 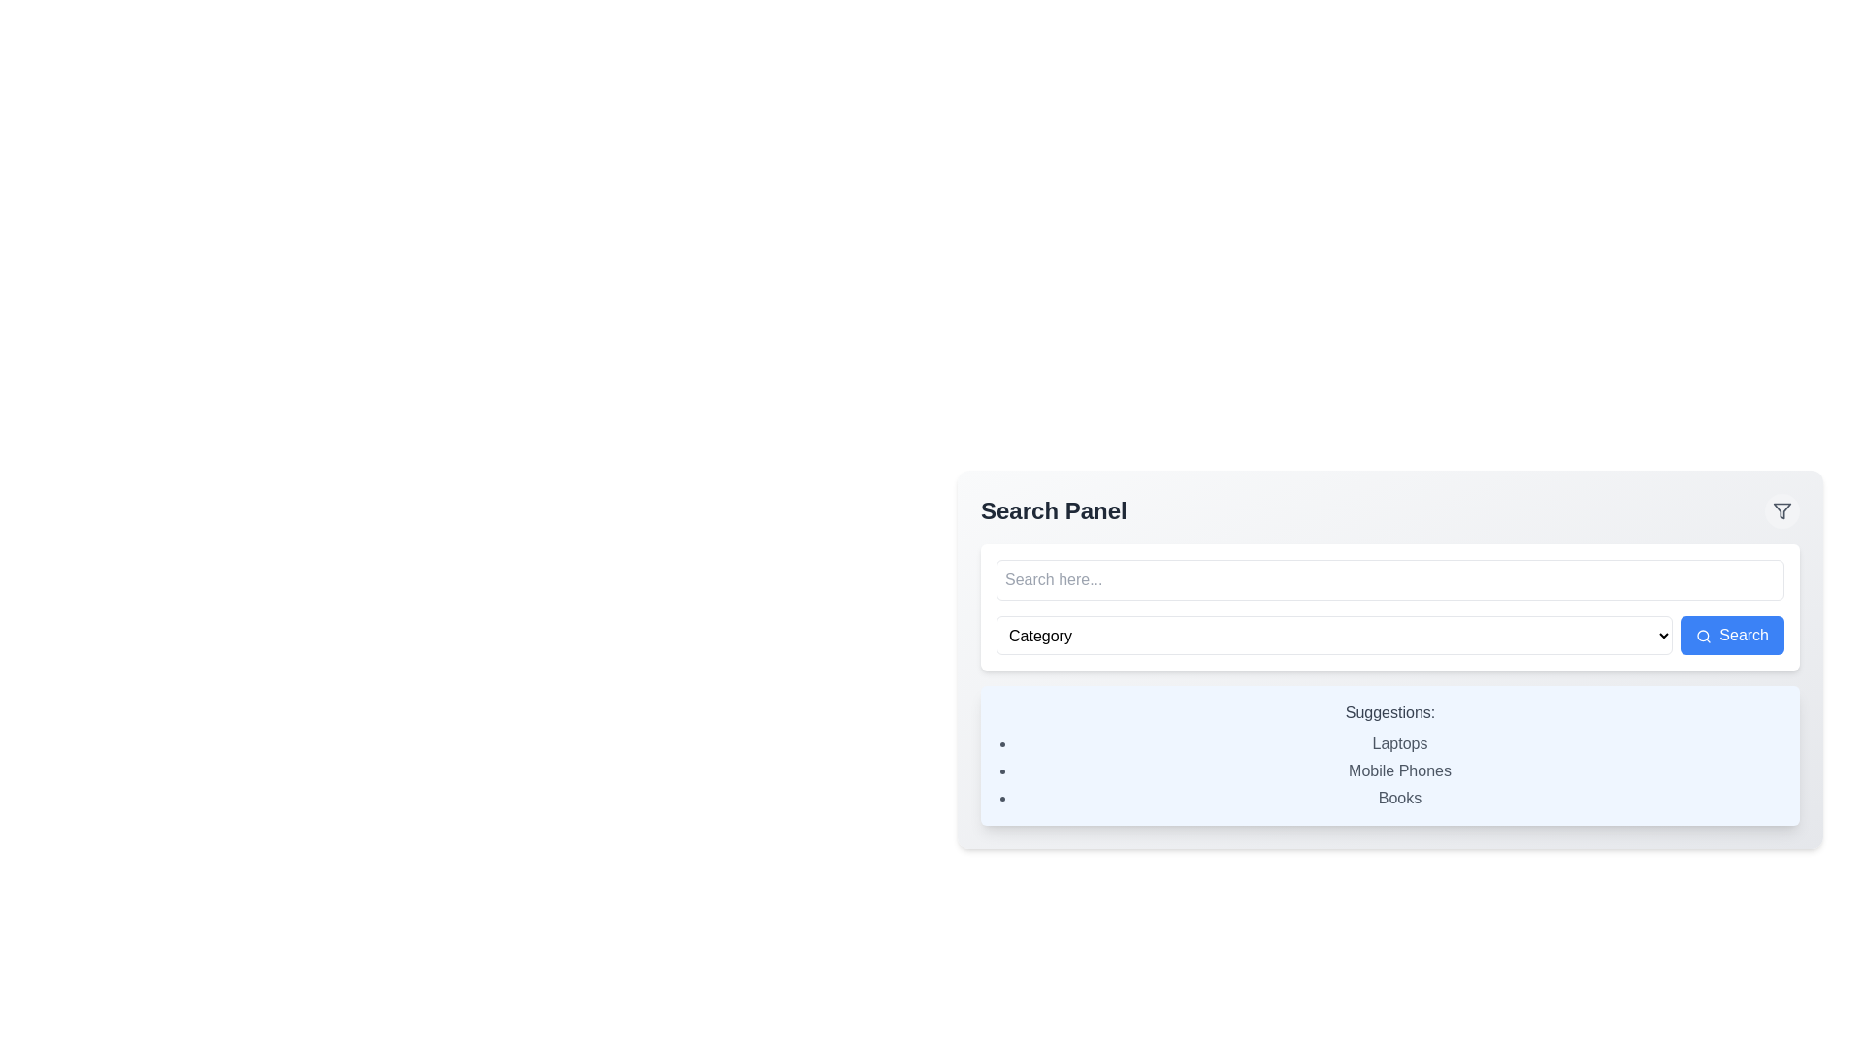 What do you see at coordinates (1732, 636) in the screenshot?
I see `the 'Search' button, which is a rectangular button with a bright blue background and white text, located at the far-right of a horizontal control group` at bounding box center [1732, 636].